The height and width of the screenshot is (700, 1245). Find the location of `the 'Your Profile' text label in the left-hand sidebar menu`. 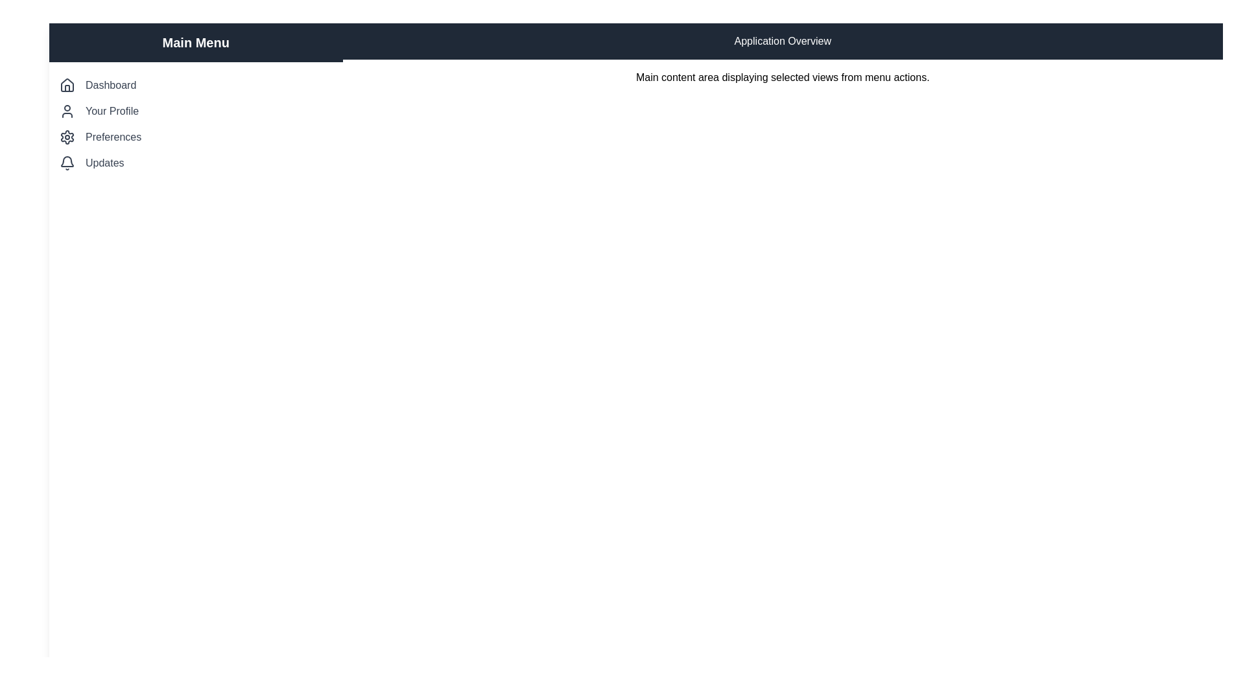

the 'Your Profile' text label in the left-hand sidebar menu is located at coordinates (112, 111).